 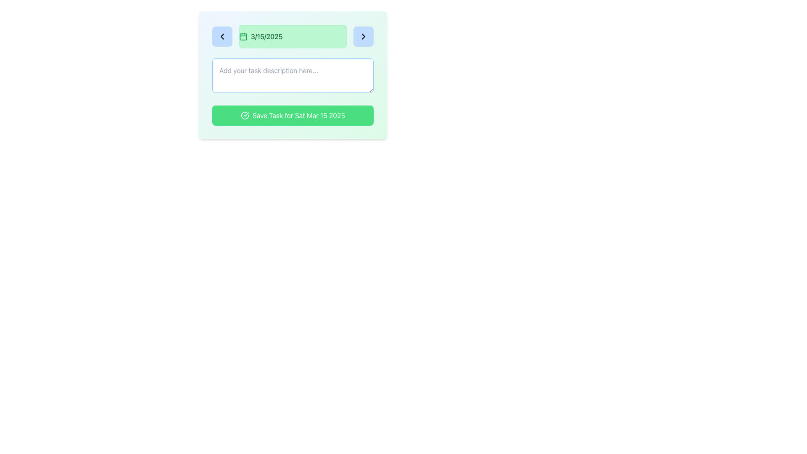 I want to click on text label displaying 'Save Task for Sat Mar 15 2025' located within the button that has a green background and white font color, so click(x=298, y=115).